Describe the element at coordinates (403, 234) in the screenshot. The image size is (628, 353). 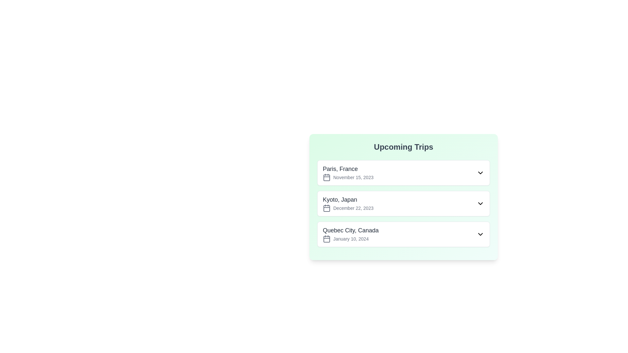
I see `the third list item labeled 'Quebec City, Canada'` at that location.